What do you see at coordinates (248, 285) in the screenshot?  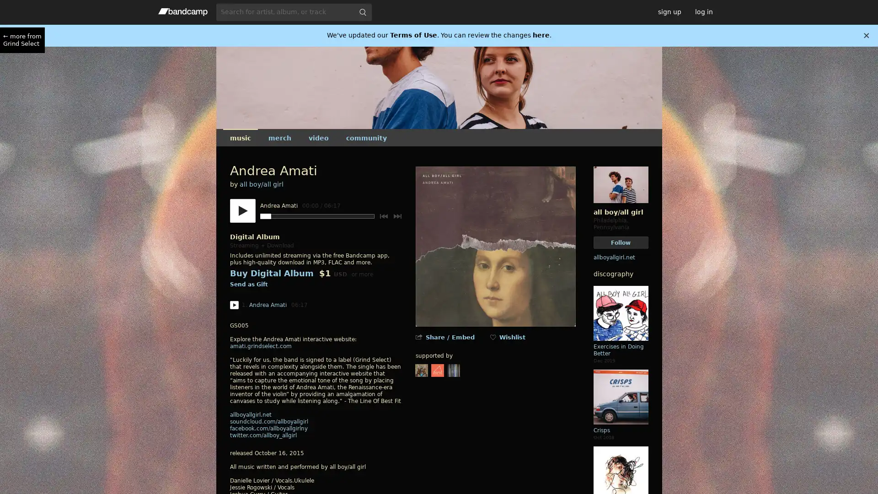 I see `Send as Gift` at bounding box center [248, 285].